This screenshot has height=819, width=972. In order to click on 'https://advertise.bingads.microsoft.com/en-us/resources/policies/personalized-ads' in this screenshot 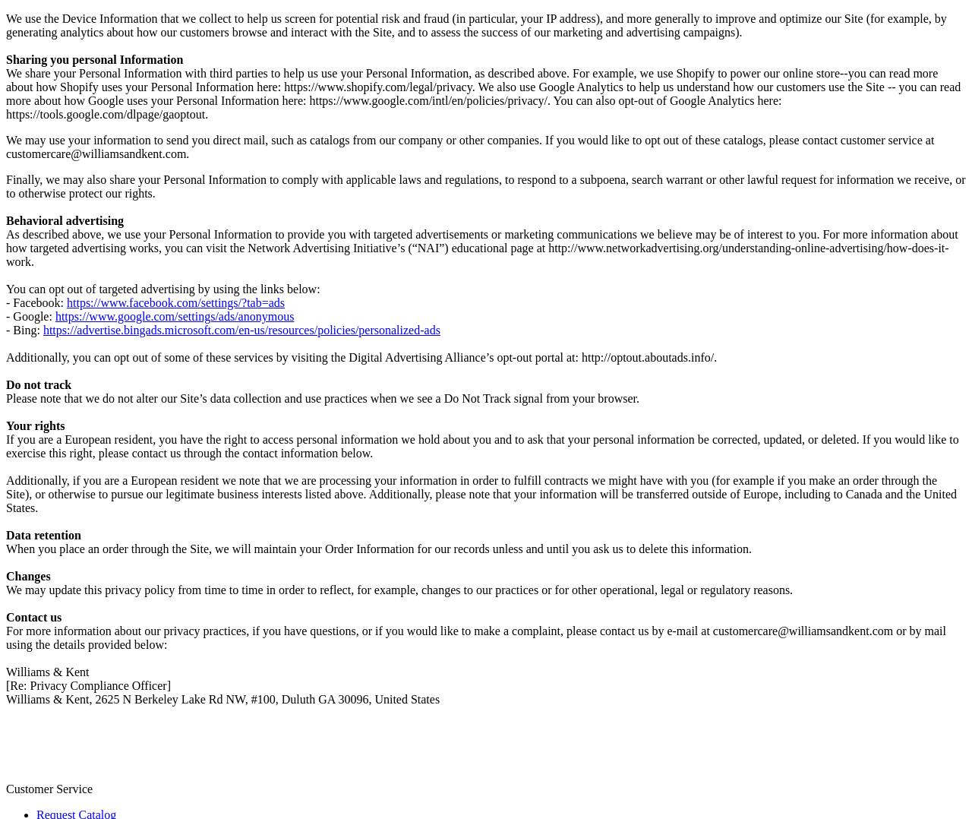, I will do `click(240, 329)`.